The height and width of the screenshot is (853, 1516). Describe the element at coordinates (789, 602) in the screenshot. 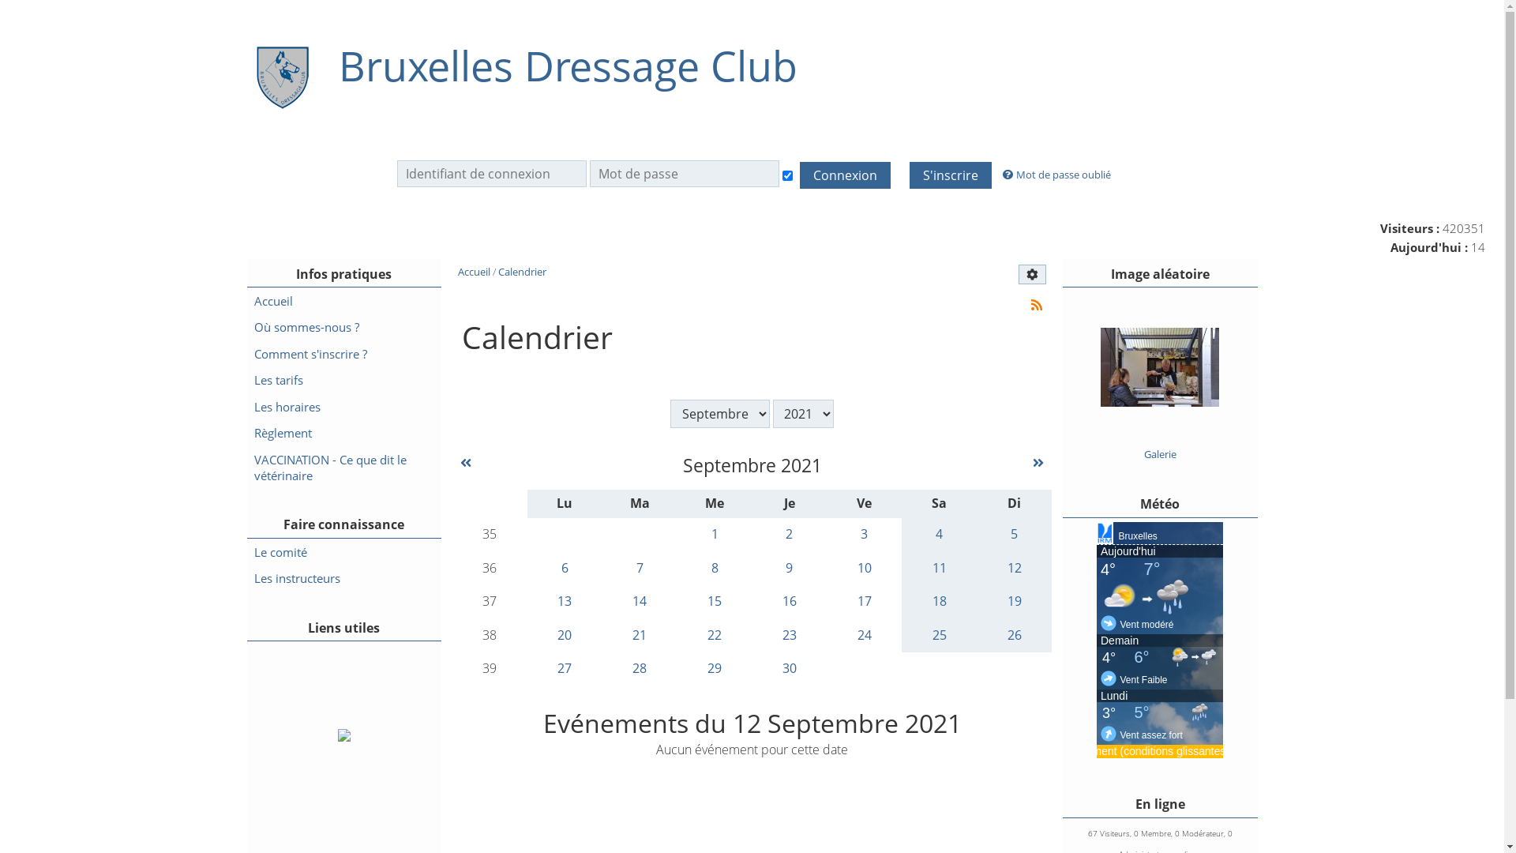

I see `'16'` at that location.